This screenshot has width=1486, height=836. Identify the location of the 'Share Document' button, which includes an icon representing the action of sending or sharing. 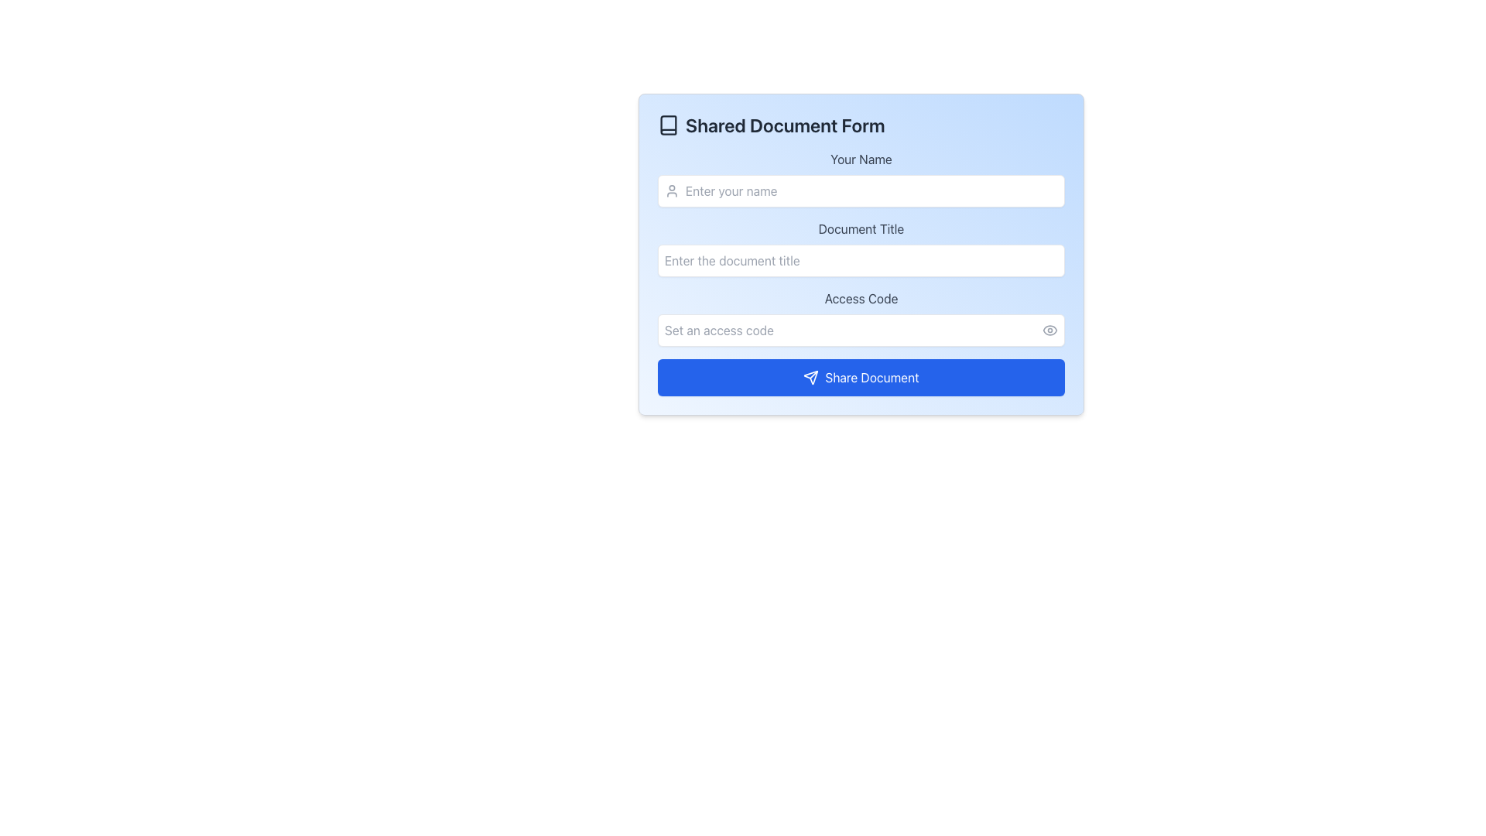
(810, 378).